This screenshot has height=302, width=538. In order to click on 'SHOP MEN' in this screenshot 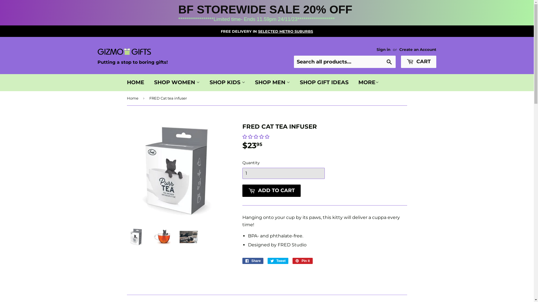, I will do `click(272, 82)`.